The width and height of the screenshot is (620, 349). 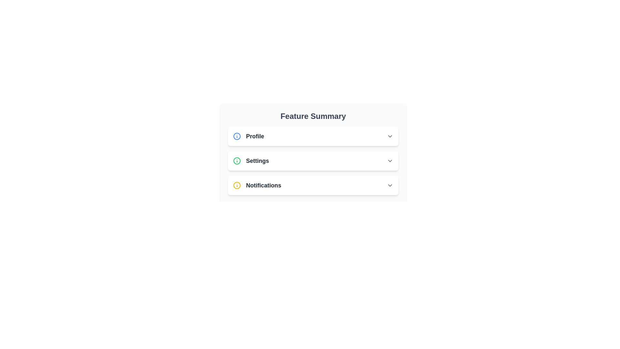 I want to click on the downward-pointing gray chevron icon to the right of the 'Settings' text in the 'Feature Summary' list, so click(x=390, y=160).